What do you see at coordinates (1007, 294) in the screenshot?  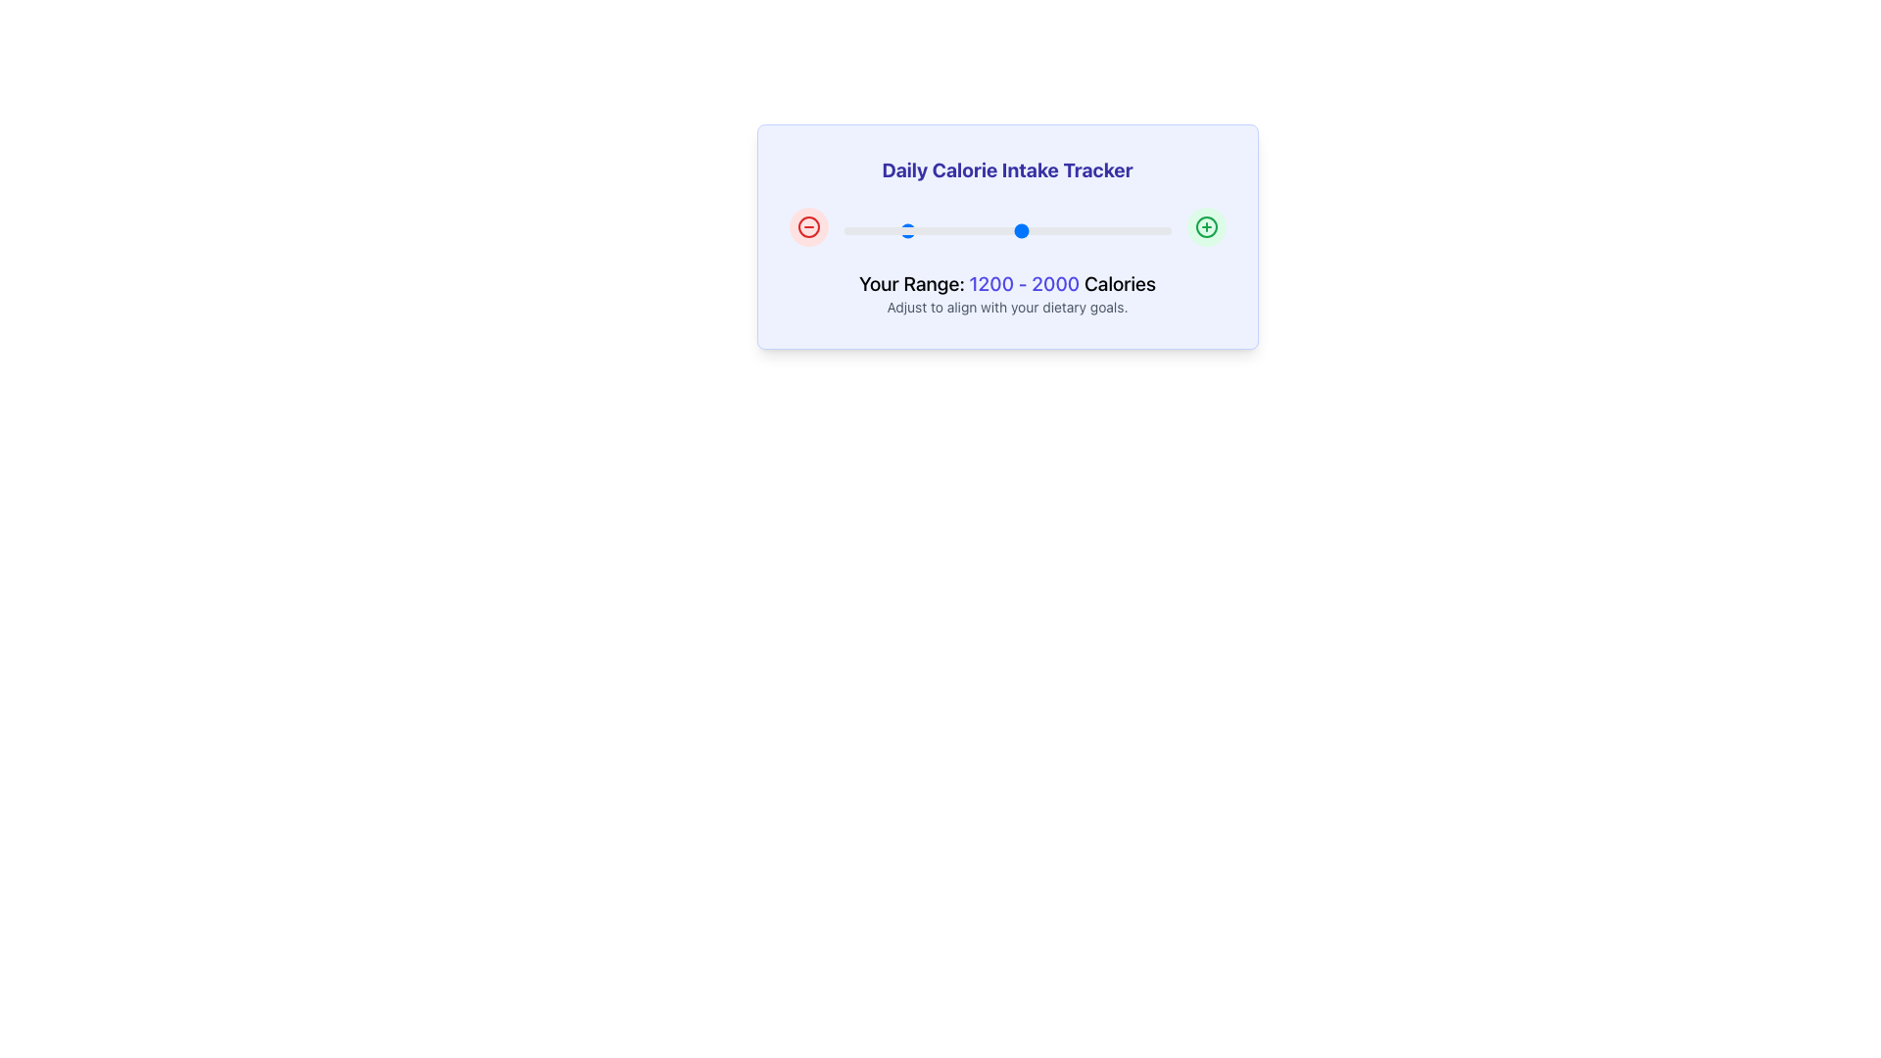 I see `the text display element that shows 'Your Range: 1200 - 2000 Calories' and the subtitle 'Adjust to align with your dietary goals.' within the 'Daily Calorie Intake Tracker' card` at bounding box center [1007, 294].